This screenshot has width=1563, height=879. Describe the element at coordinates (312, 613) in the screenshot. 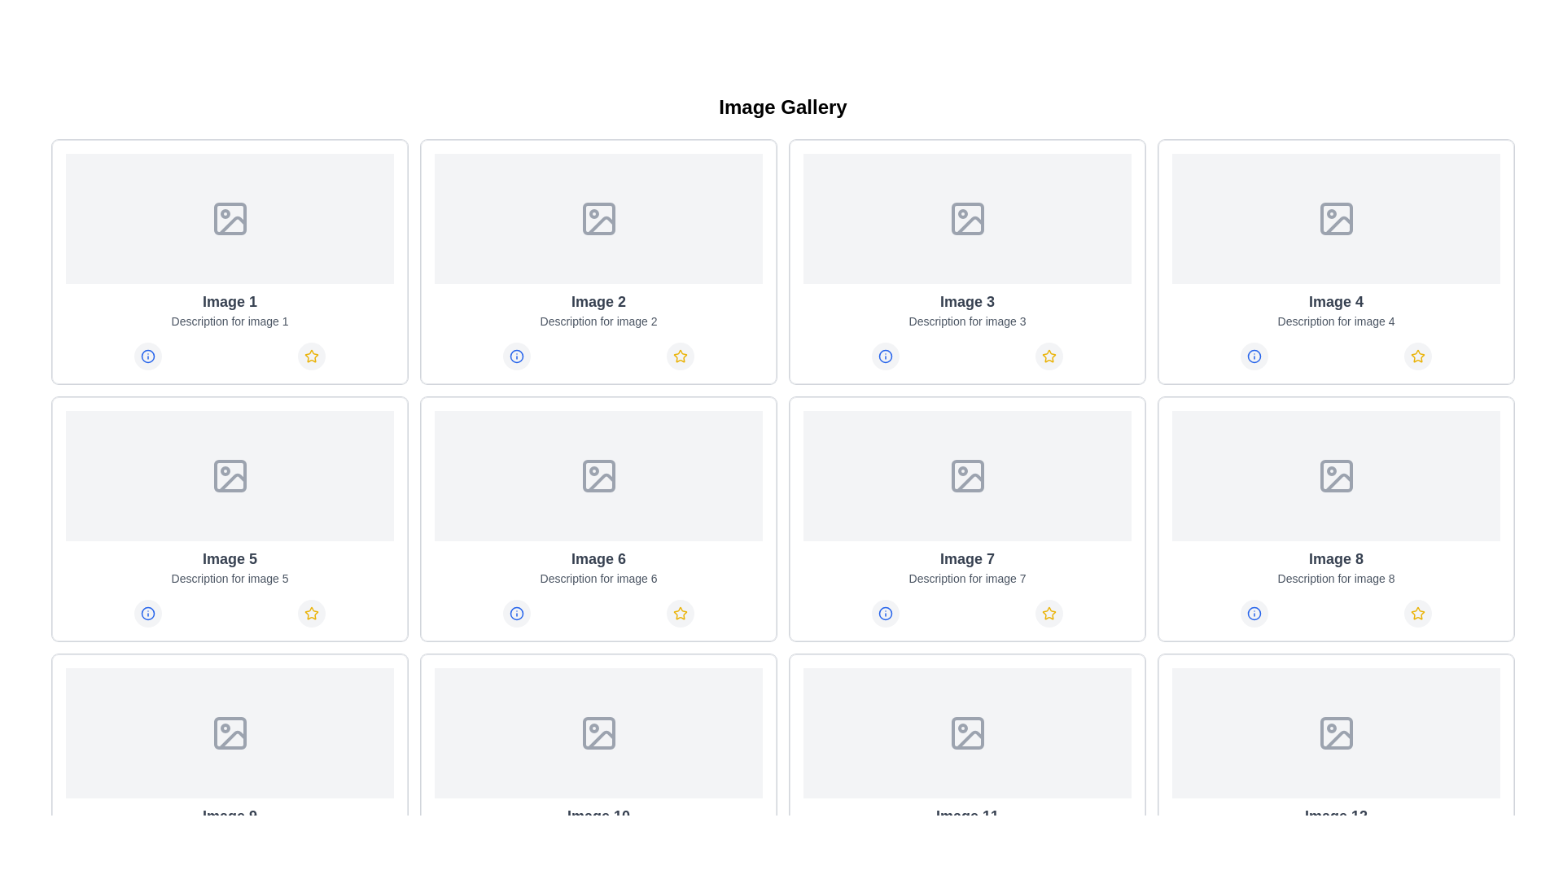

I see `the small circular button with a gray background and a yellow star icon, located to the far right beneath 'Image 5'` at that location.